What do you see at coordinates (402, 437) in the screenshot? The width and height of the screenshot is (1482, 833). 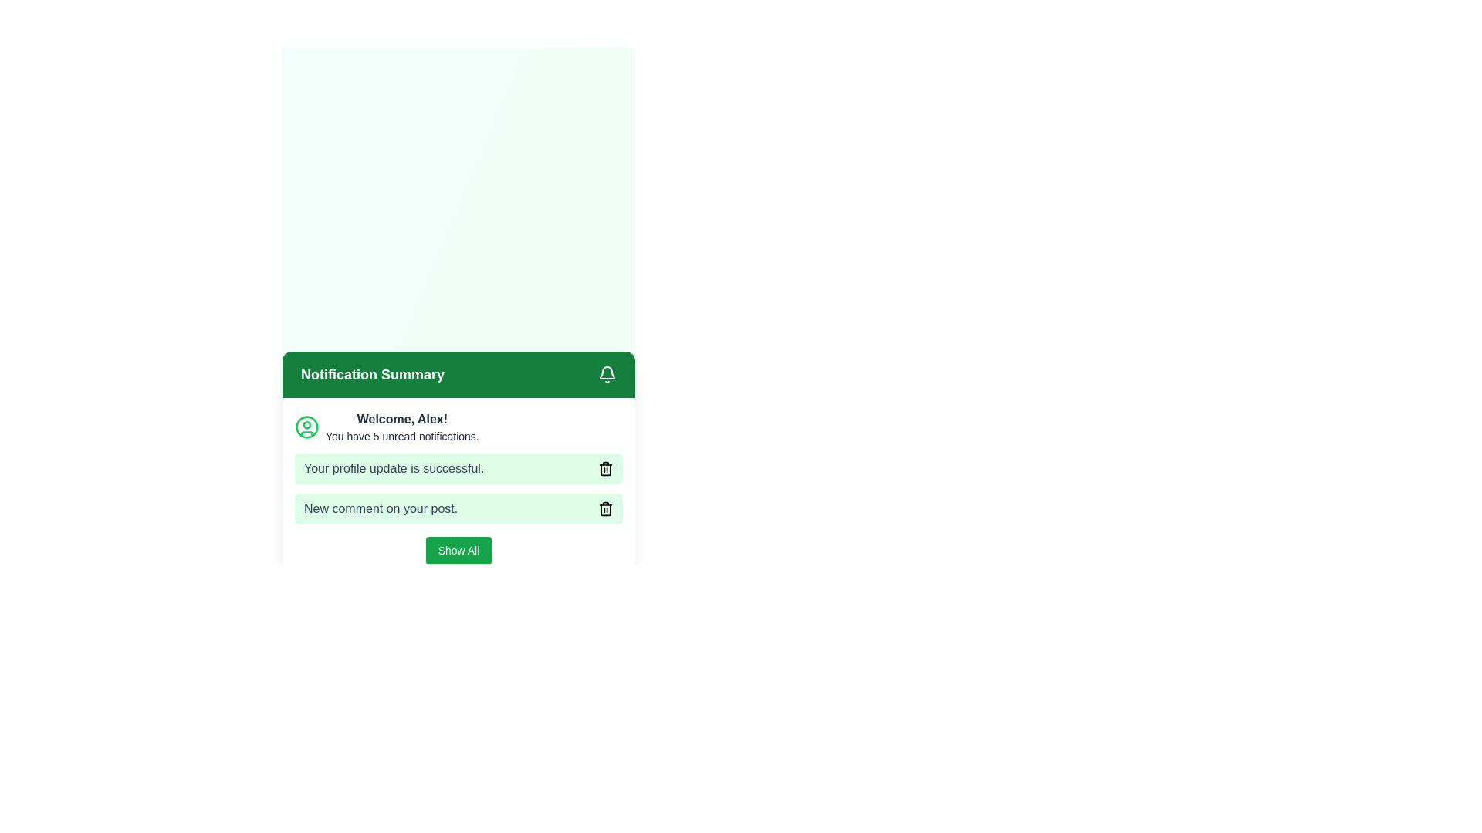 I see `the text label displaying 'You have 5 unread notifications.' located beneath the greeting text 'Welcome, Alex!' in the notification summary panel` at bounding box center [402, 437].